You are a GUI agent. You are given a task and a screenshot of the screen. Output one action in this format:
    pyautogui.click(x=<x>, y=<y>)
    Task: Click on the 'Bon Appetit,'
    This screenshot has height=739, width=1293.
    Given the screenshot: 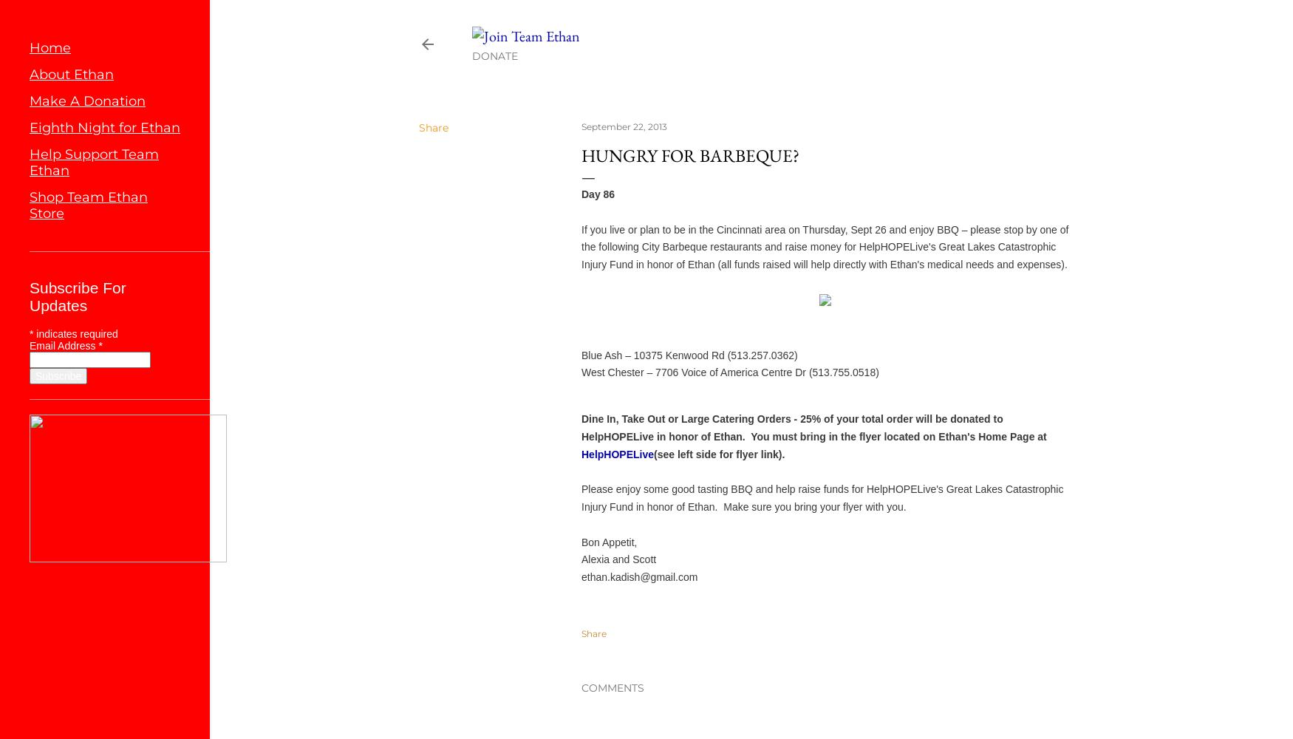 What is the action you would take?
    pyautogui.click(x=609, y=541)
    